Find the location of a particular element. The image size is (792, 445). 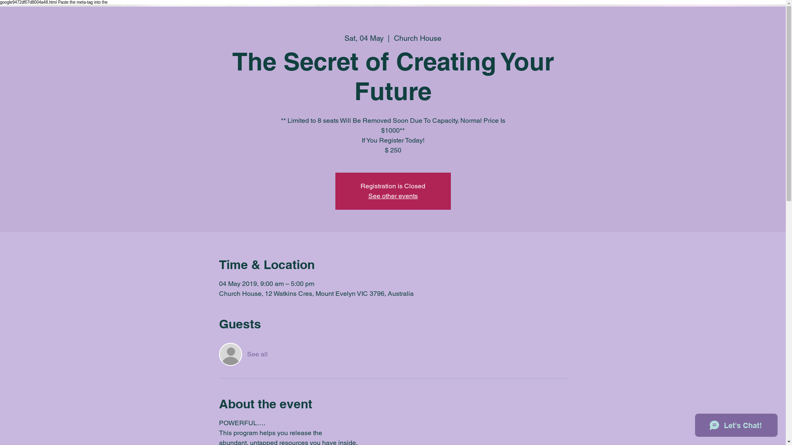

'See all' is located at coordinates (257, 354).